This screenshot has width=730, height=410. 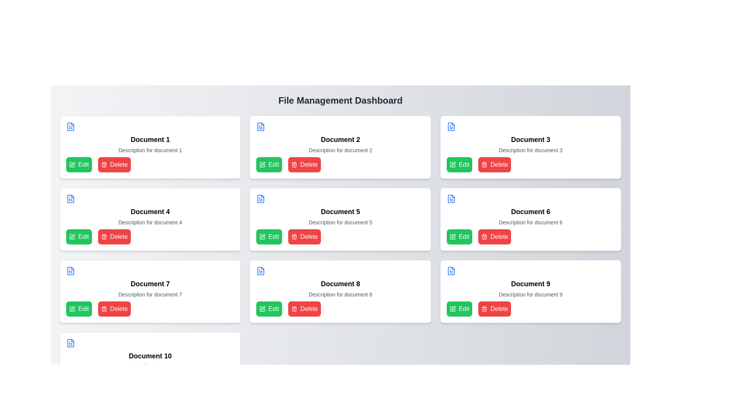 I want to click on the 'Edit' button which contains the SVG icon positioned on the left side of the button's text, so click(x=72, y=164).